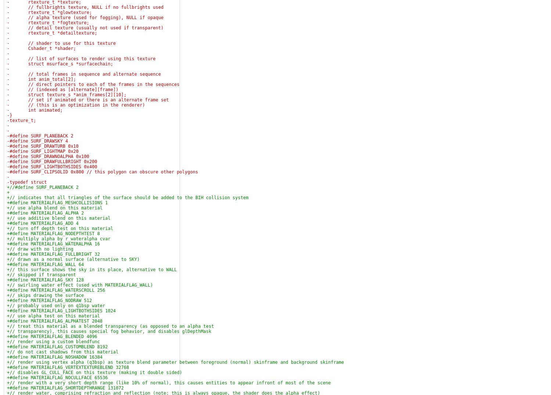 The height and width of the screenshot is (395, 551). I want to click on '+// transparency), this causes special fog behavior, and disables glDepthMask', so click(7, 331).